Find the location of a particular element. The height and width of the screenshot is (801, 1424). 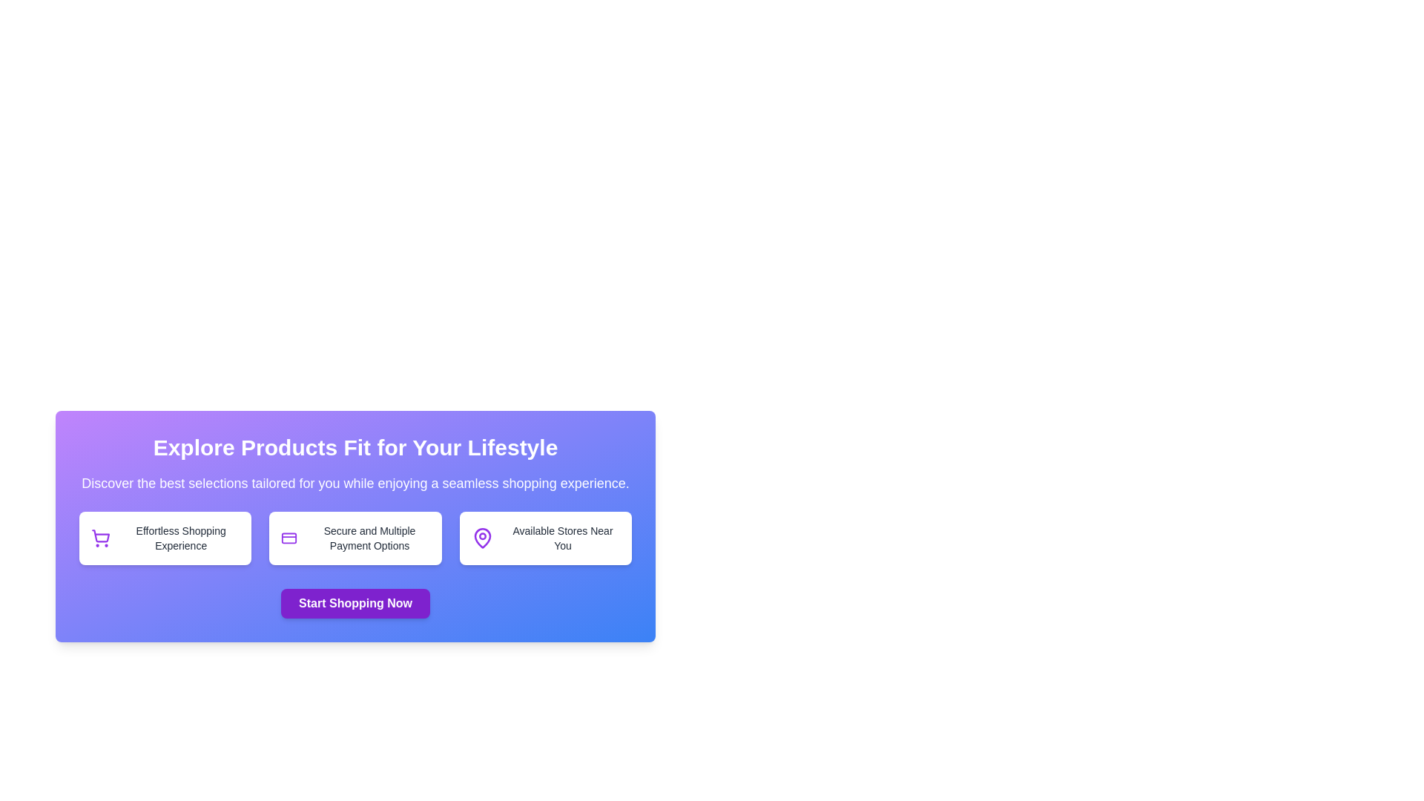

the rightmost Information Display Card in the third column for a quick interaction or animation is located at coordinates (544, 538).